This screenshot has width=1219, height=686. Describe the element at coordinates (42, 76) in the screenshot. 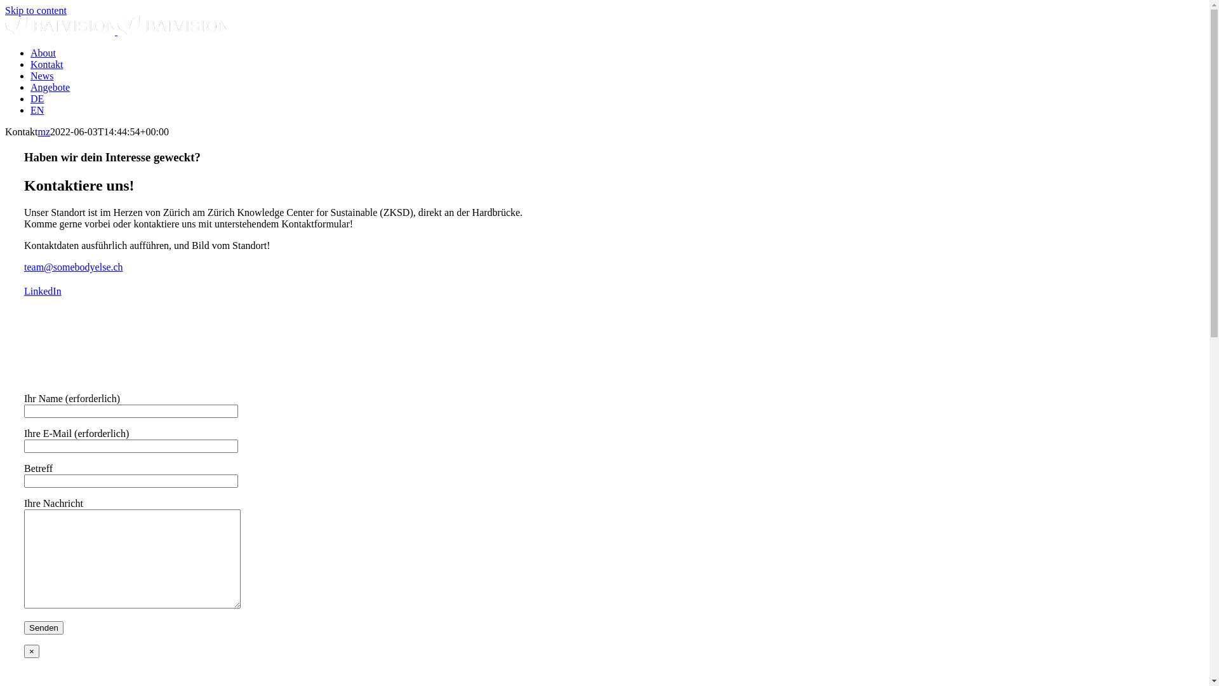

I see `'News'` at that location.